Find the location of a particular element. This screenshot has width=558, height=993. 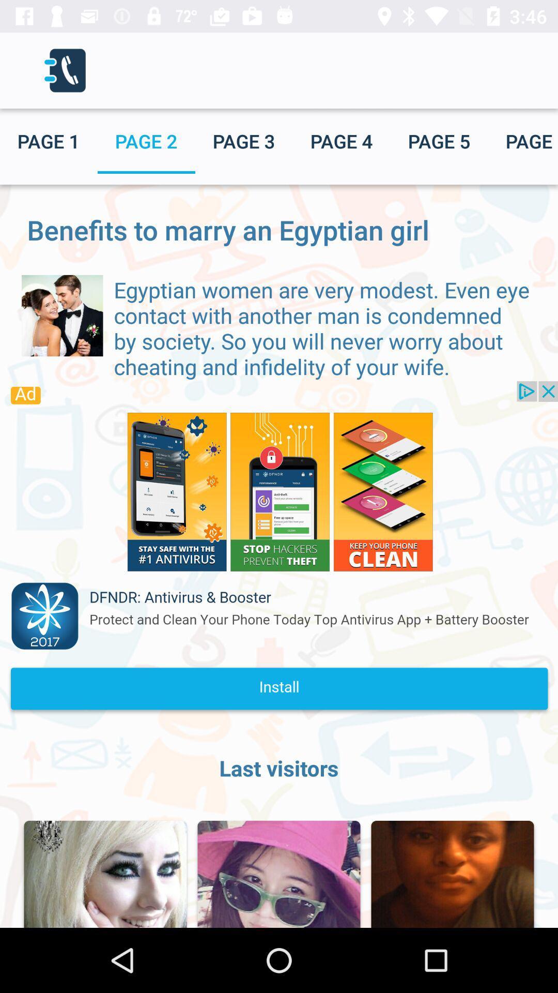

advertisement button is located at coordinates (279, 550).